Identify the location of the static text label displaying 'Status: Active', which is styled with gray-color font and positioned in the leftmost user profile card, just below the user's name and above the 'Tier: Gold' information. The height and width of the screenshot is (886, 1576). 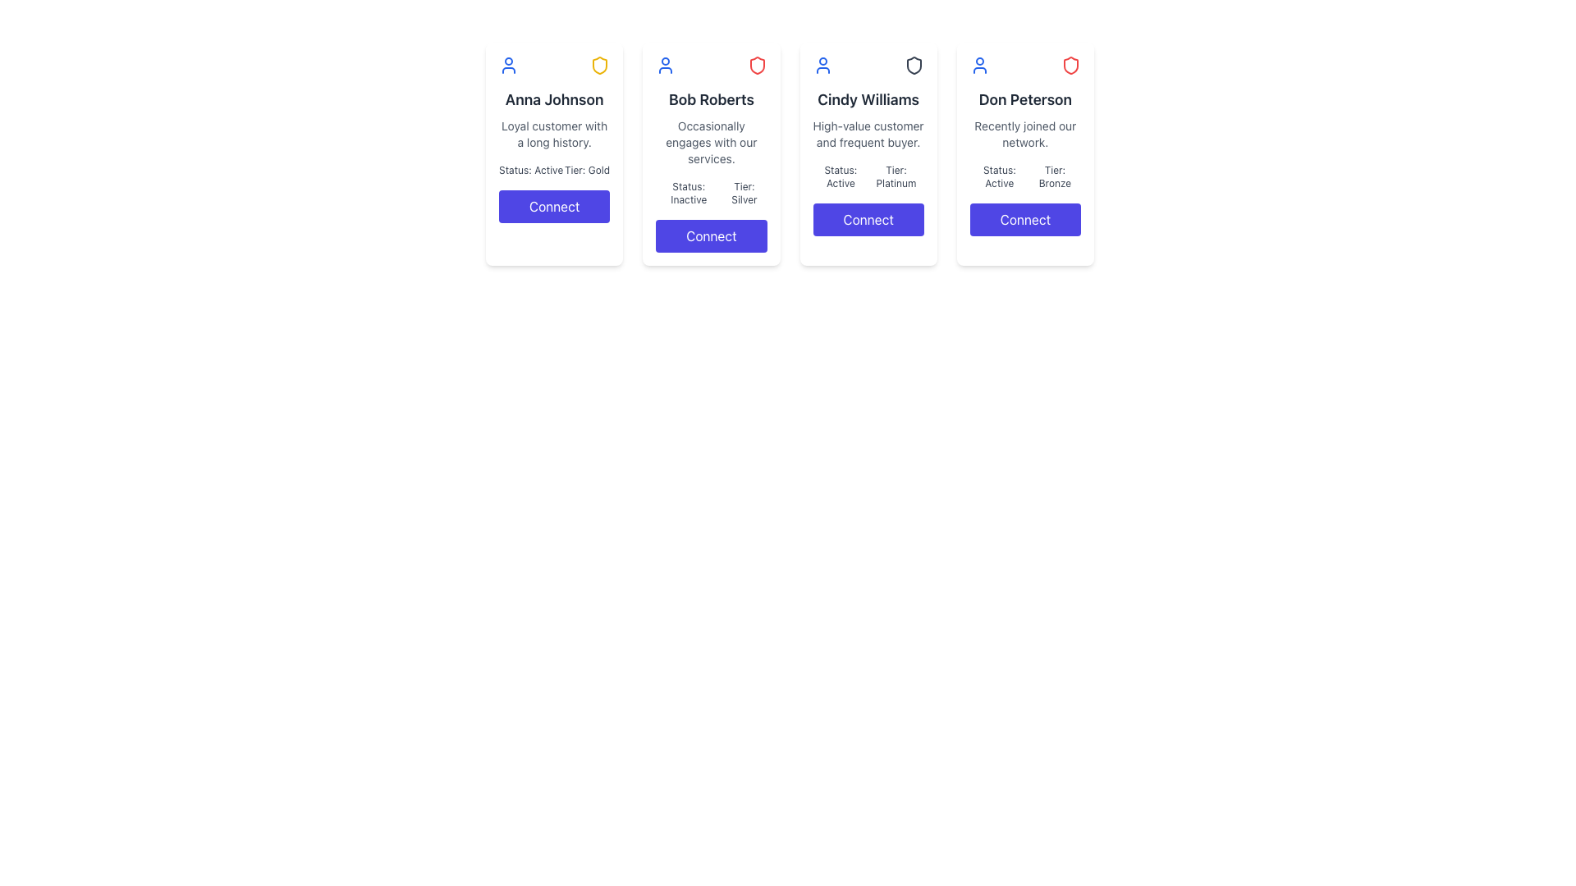
(531, 171).